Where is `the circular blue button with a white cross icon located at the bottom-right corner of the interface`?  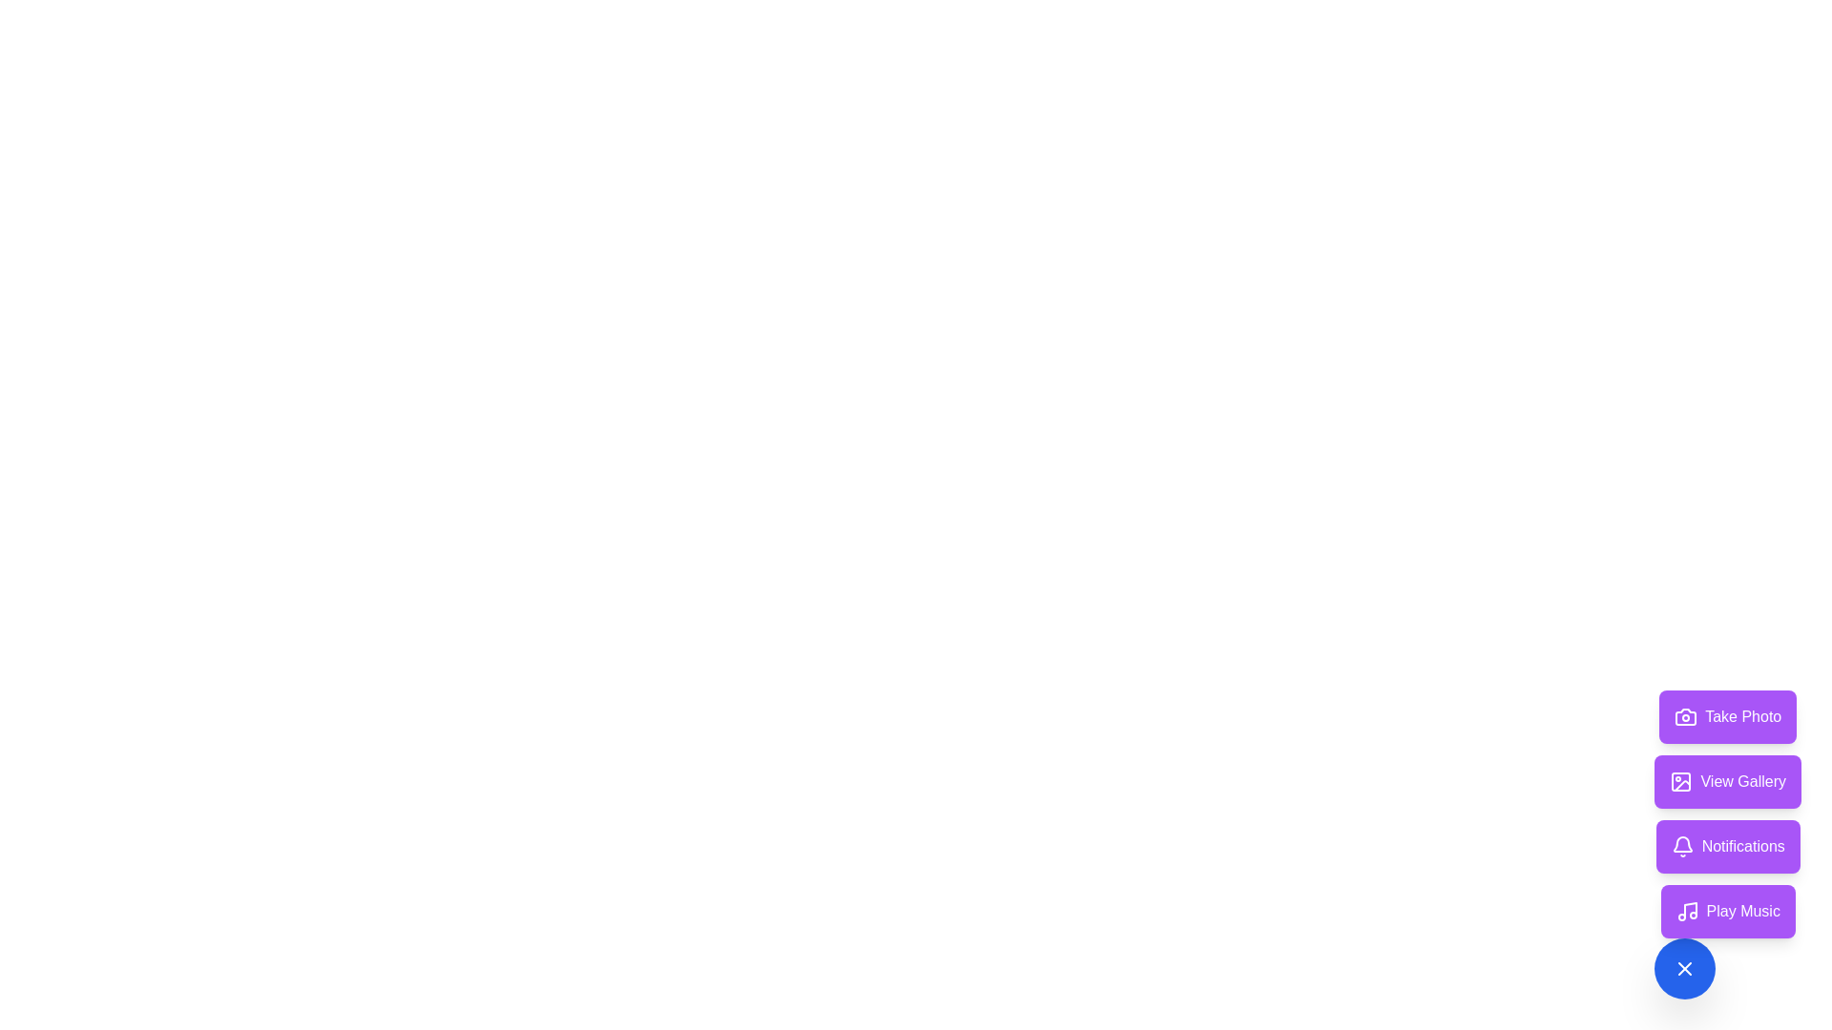
the circular blue button with a white cross icon located at the bottom-right corner of the interface is located at coordinates (1685, 968).